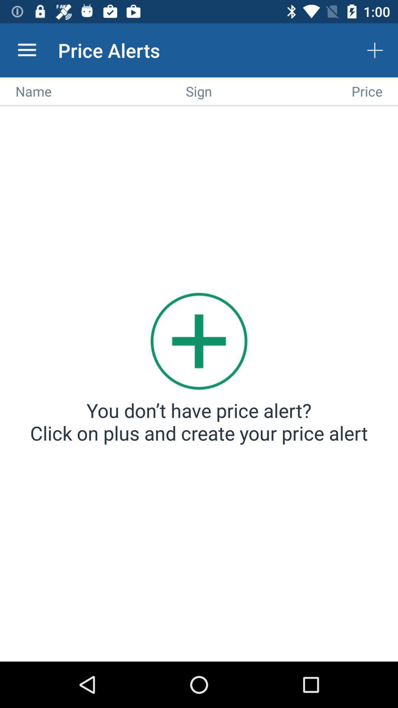 Image resolution: width=398 pixels, height=708 pixels. What do you see at coordinates (199, 384) in the screenshot?
I see `new alert` at bounding box center [199, 384].